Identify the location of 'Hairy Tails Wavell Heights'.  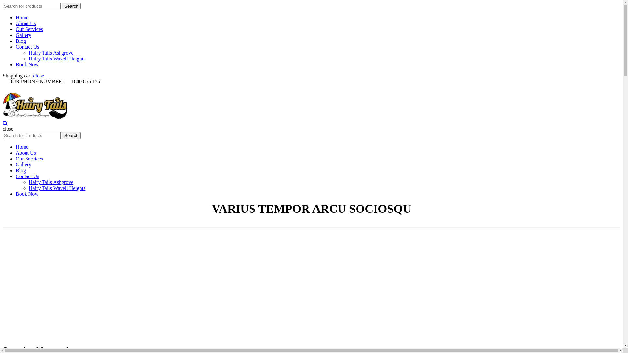
(57, 188).